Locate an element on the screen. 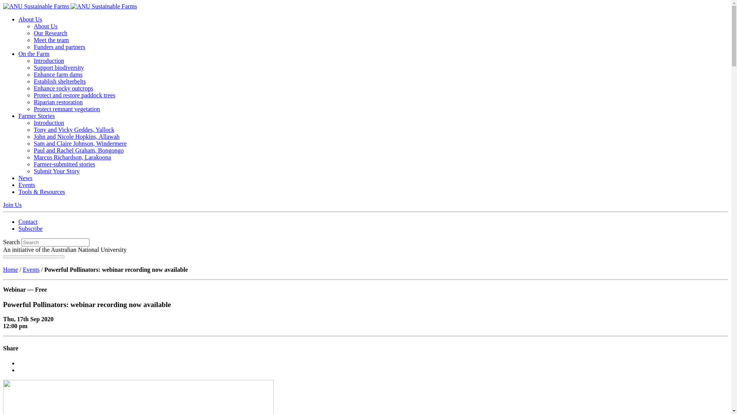 The image size is (737, 414). 'Sam and Claire Johnson, Windermere' is located at coordinates (80, 143).